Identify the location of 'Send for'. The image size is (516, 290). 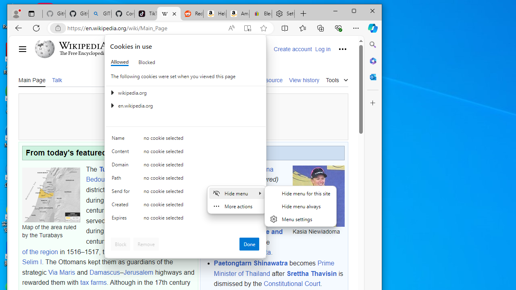
(121, 193).